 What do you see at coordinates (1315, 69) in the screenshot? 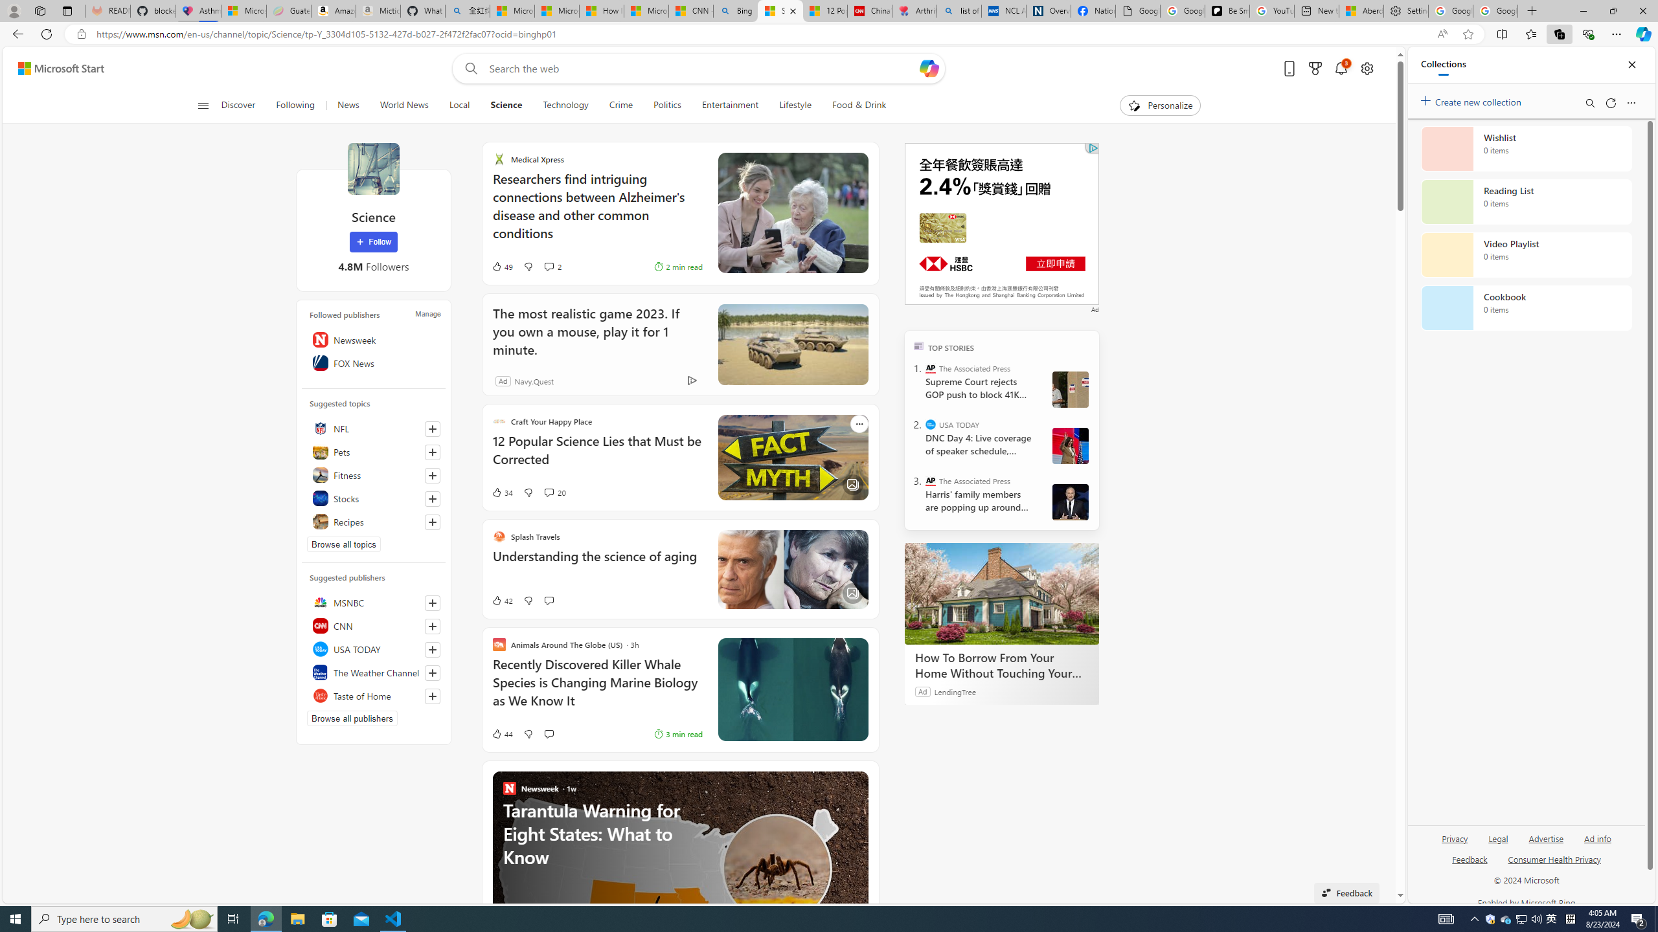
I see `'Microsoft rewards'` at bounding box center [1315, 69].